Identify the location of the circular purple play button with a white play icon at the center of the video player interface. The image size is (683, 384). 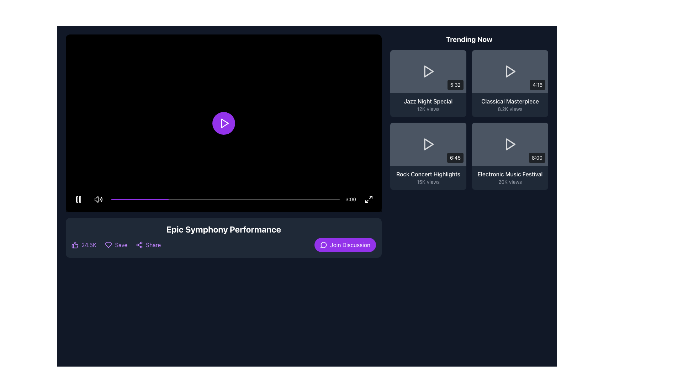
(223, 123).